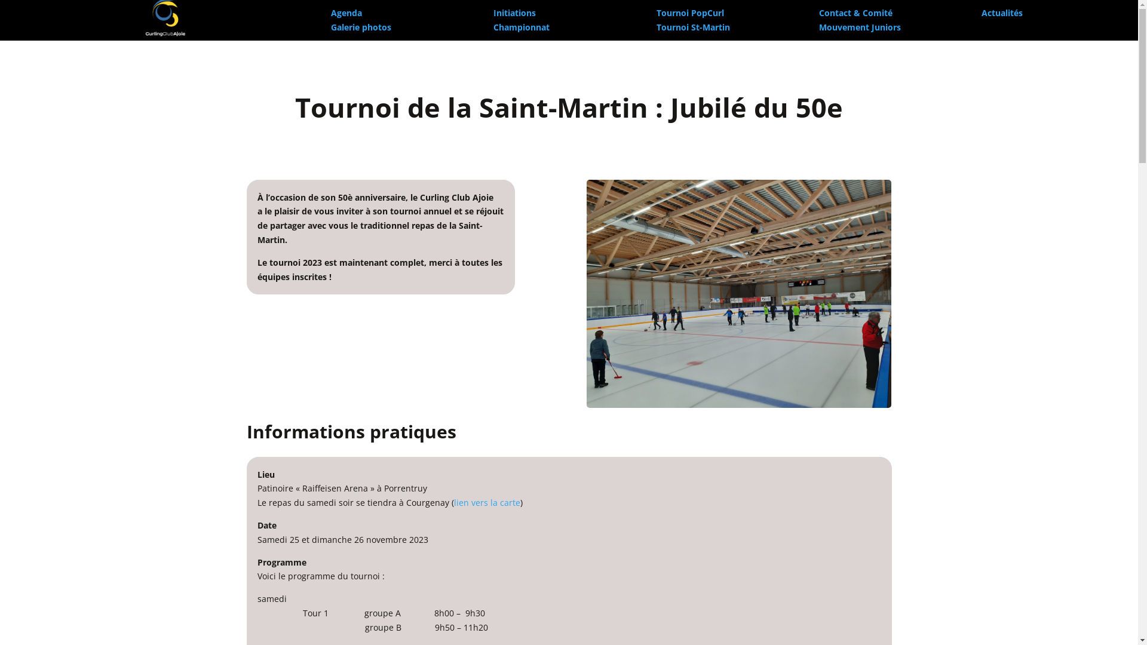 The width and height of the screenshot is (1147, 645). Describe the element at coordinates (689, 13) in the screenshot. I see `'Tournoi PopCurl'` at that location.